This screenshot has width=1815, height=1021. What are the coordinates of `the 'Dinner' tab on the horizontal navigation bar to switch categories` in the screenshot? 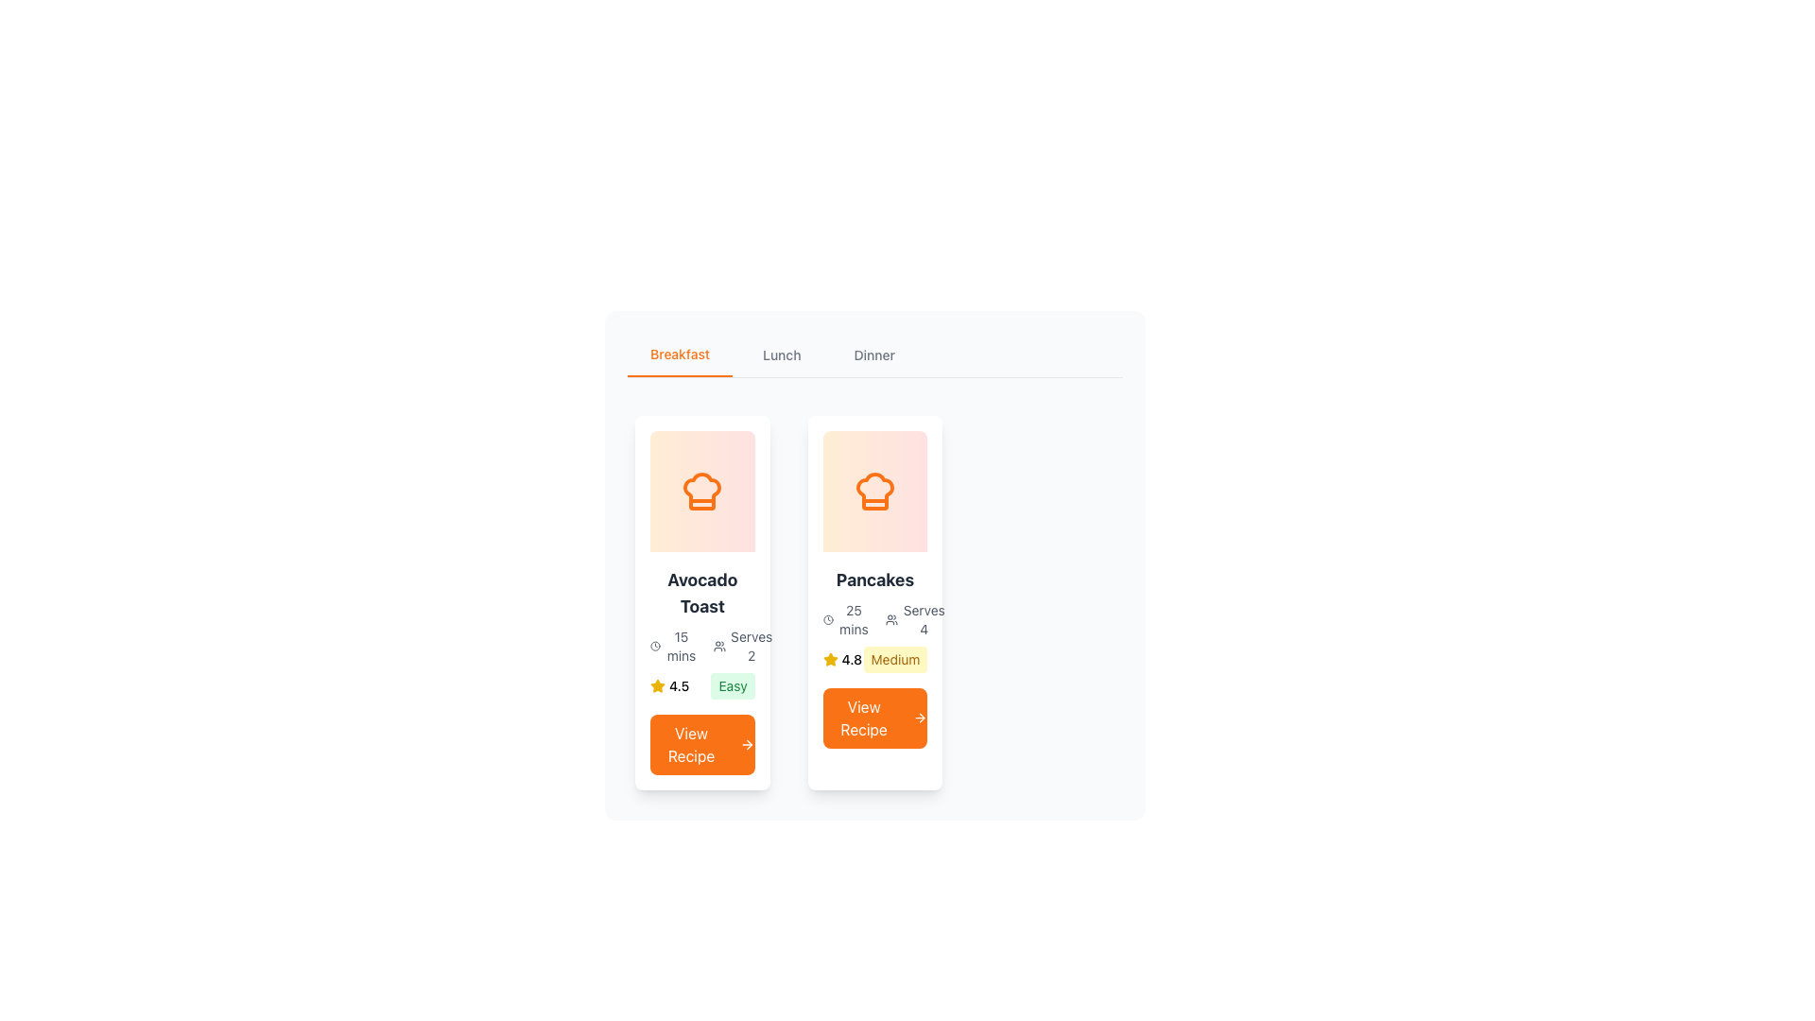 It's located at (874, 355).